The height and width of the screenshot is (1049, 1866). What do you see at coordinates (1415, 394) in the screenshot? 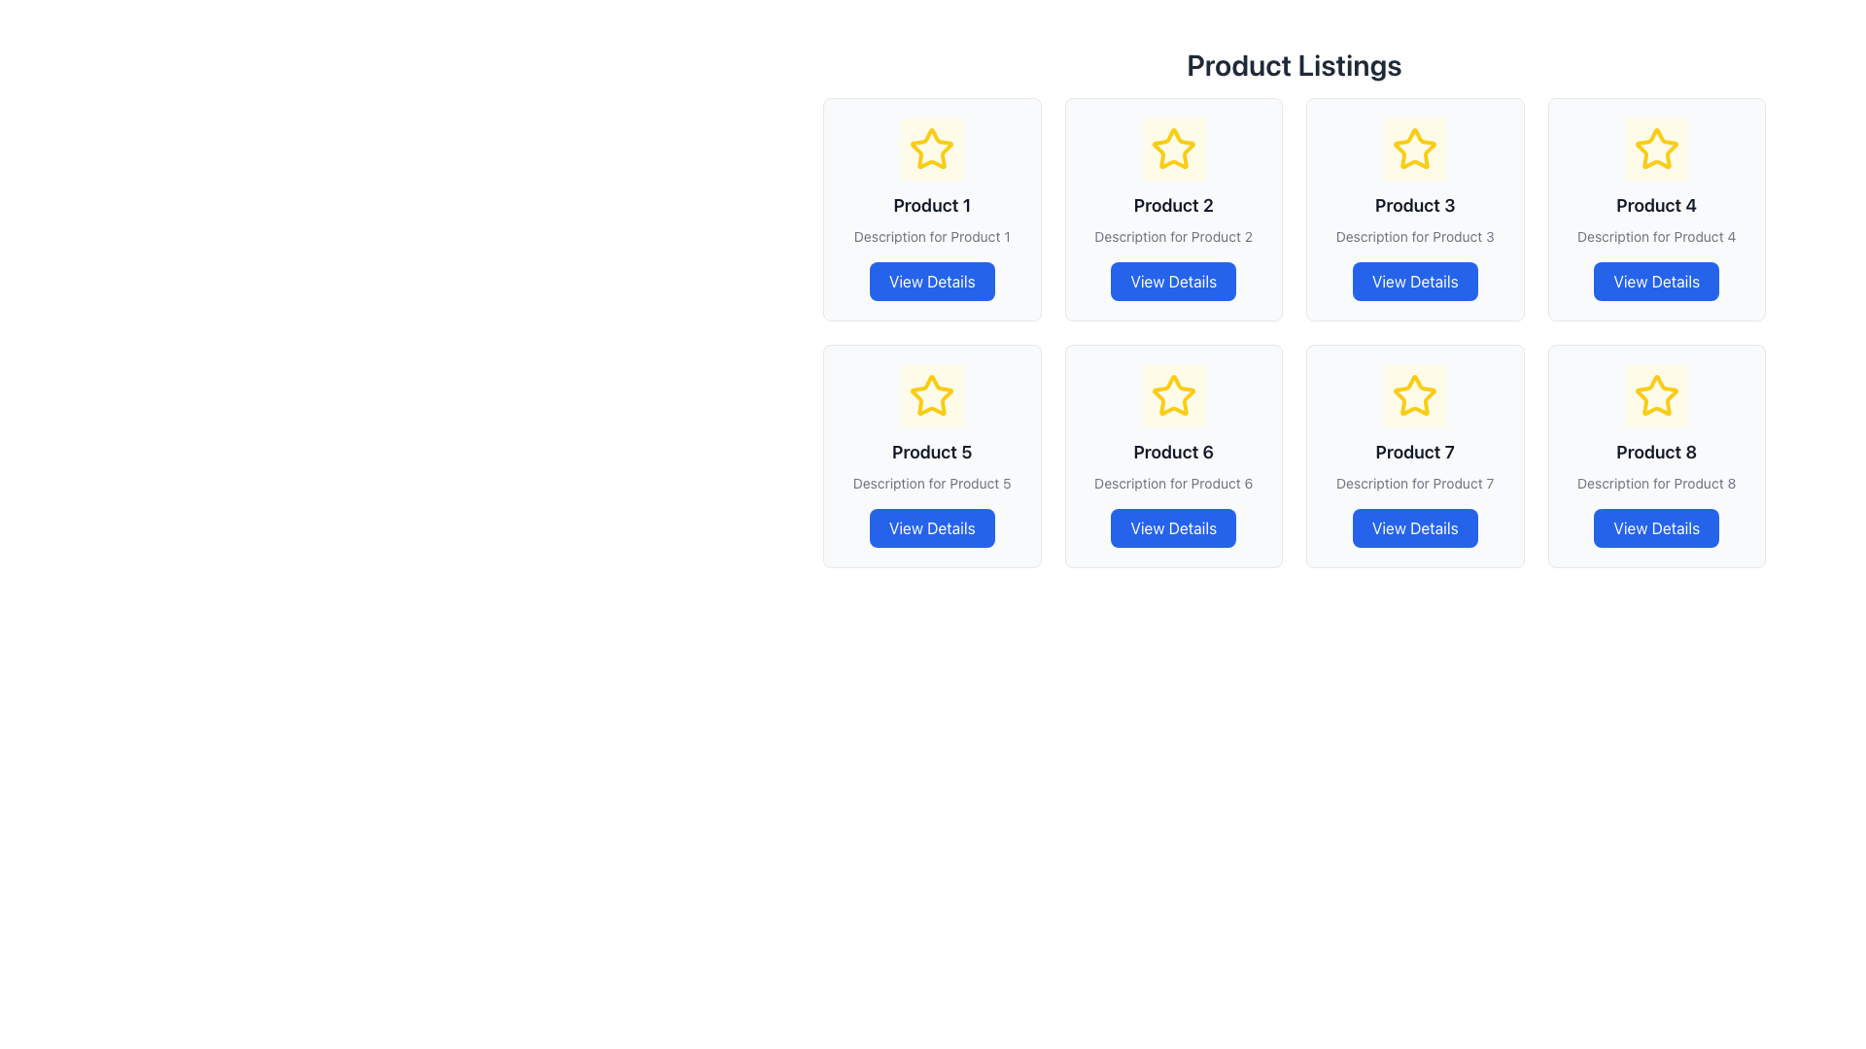
I see `the star icon with a yellow outline in the 'Product 7' card` at bounding box center [1415, 394].